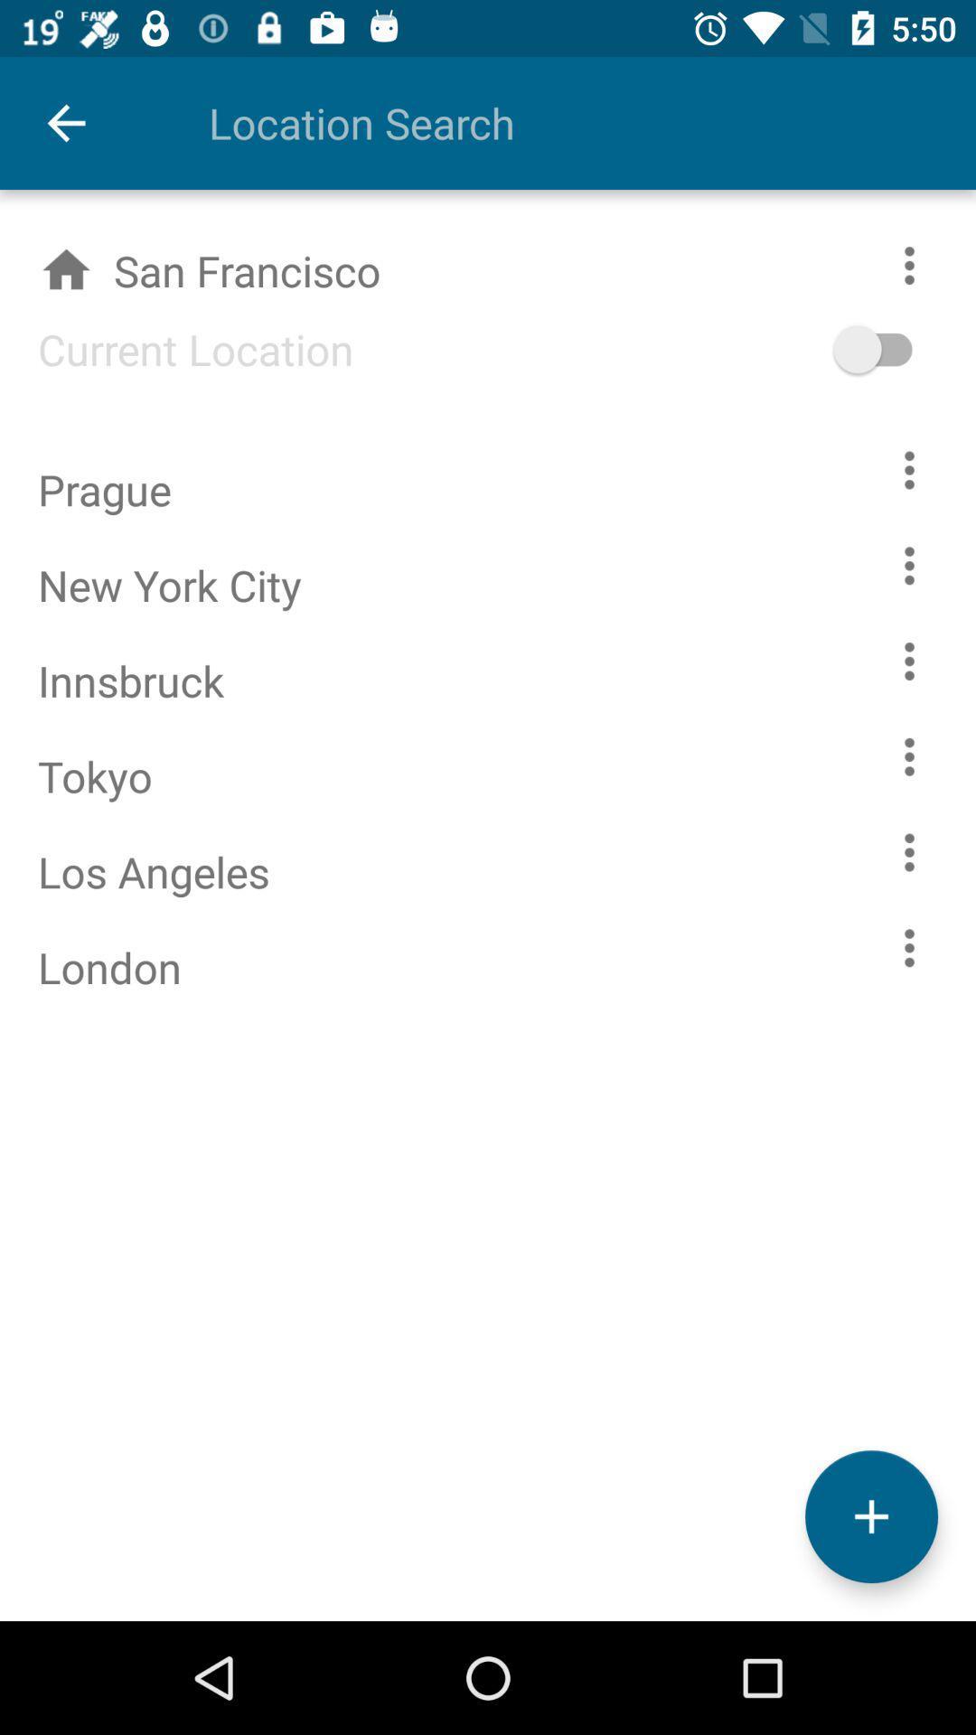  I want to click on new city, so click(870, 1516).